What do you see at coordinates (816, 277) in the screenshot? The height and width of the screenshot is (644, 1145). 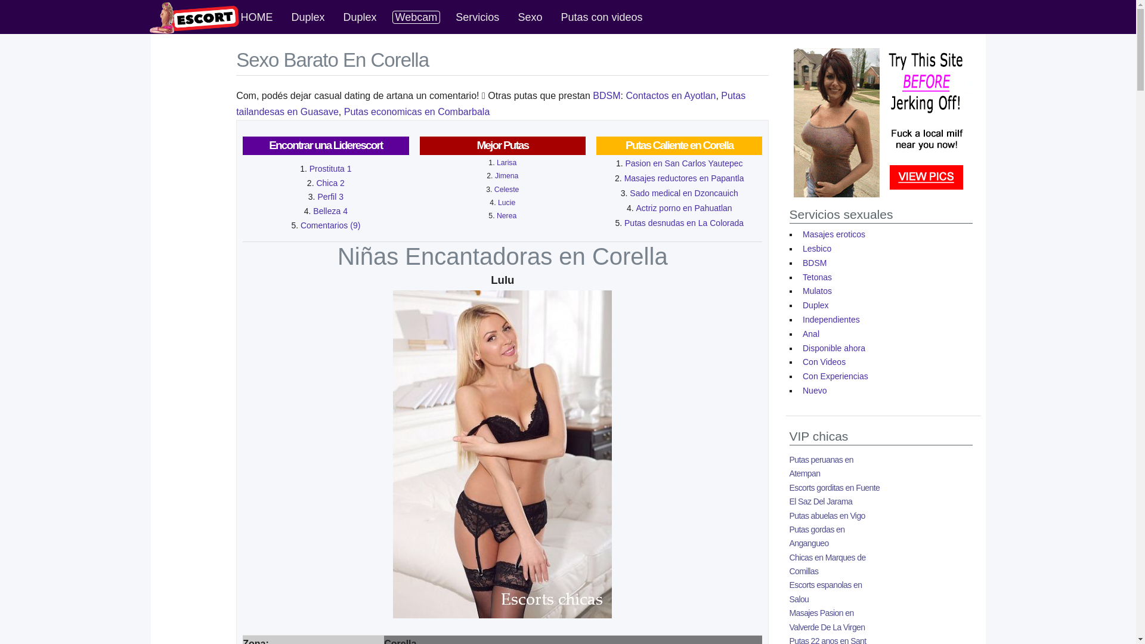 I see `'Tetonas'` at bounding box center [816, 277].